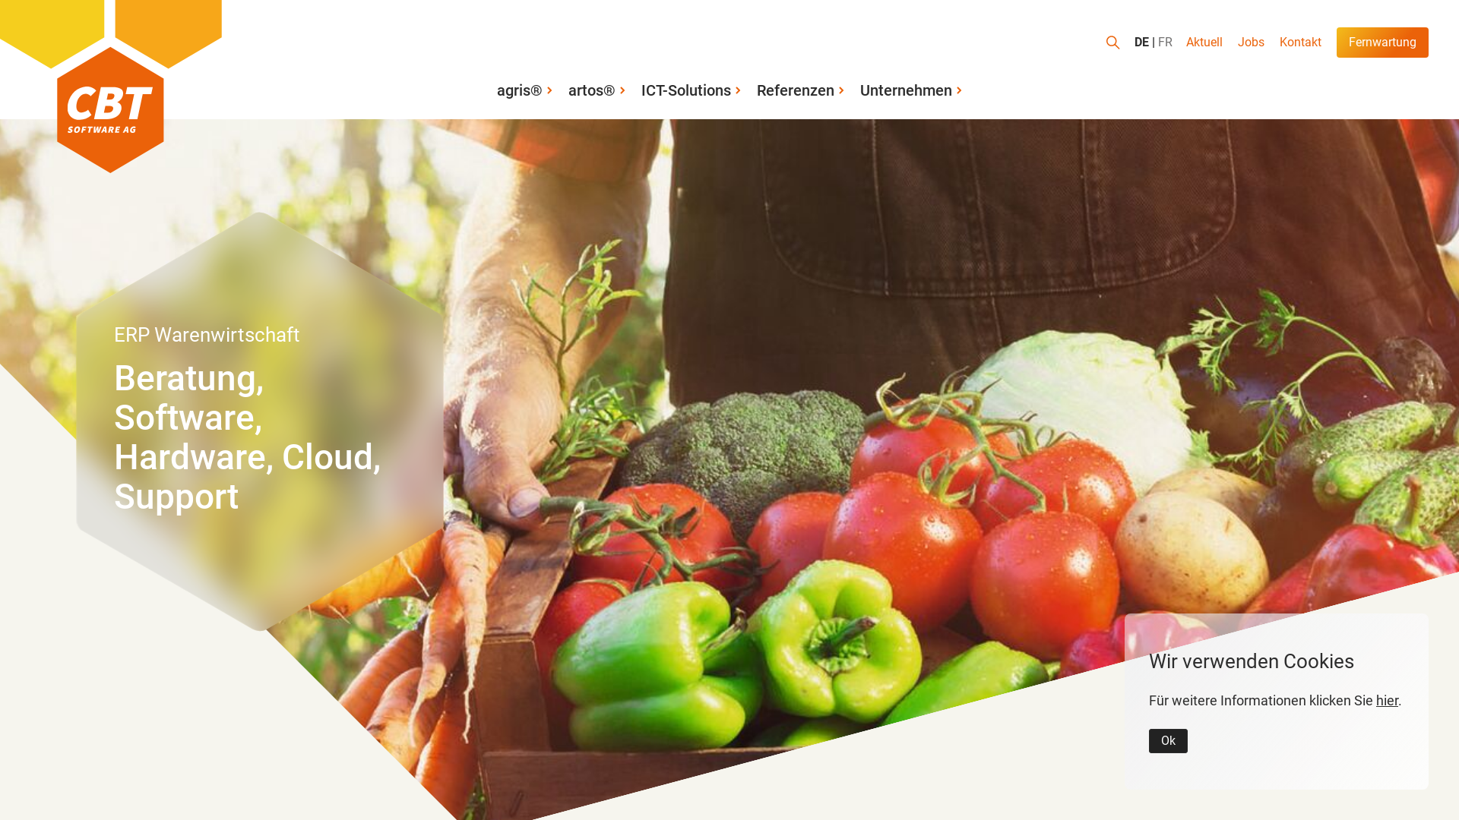  What do you see at coordinates (1203, 42) in the screenshot?
I see `'Aktuell'` at bounding box center [1203, 42].